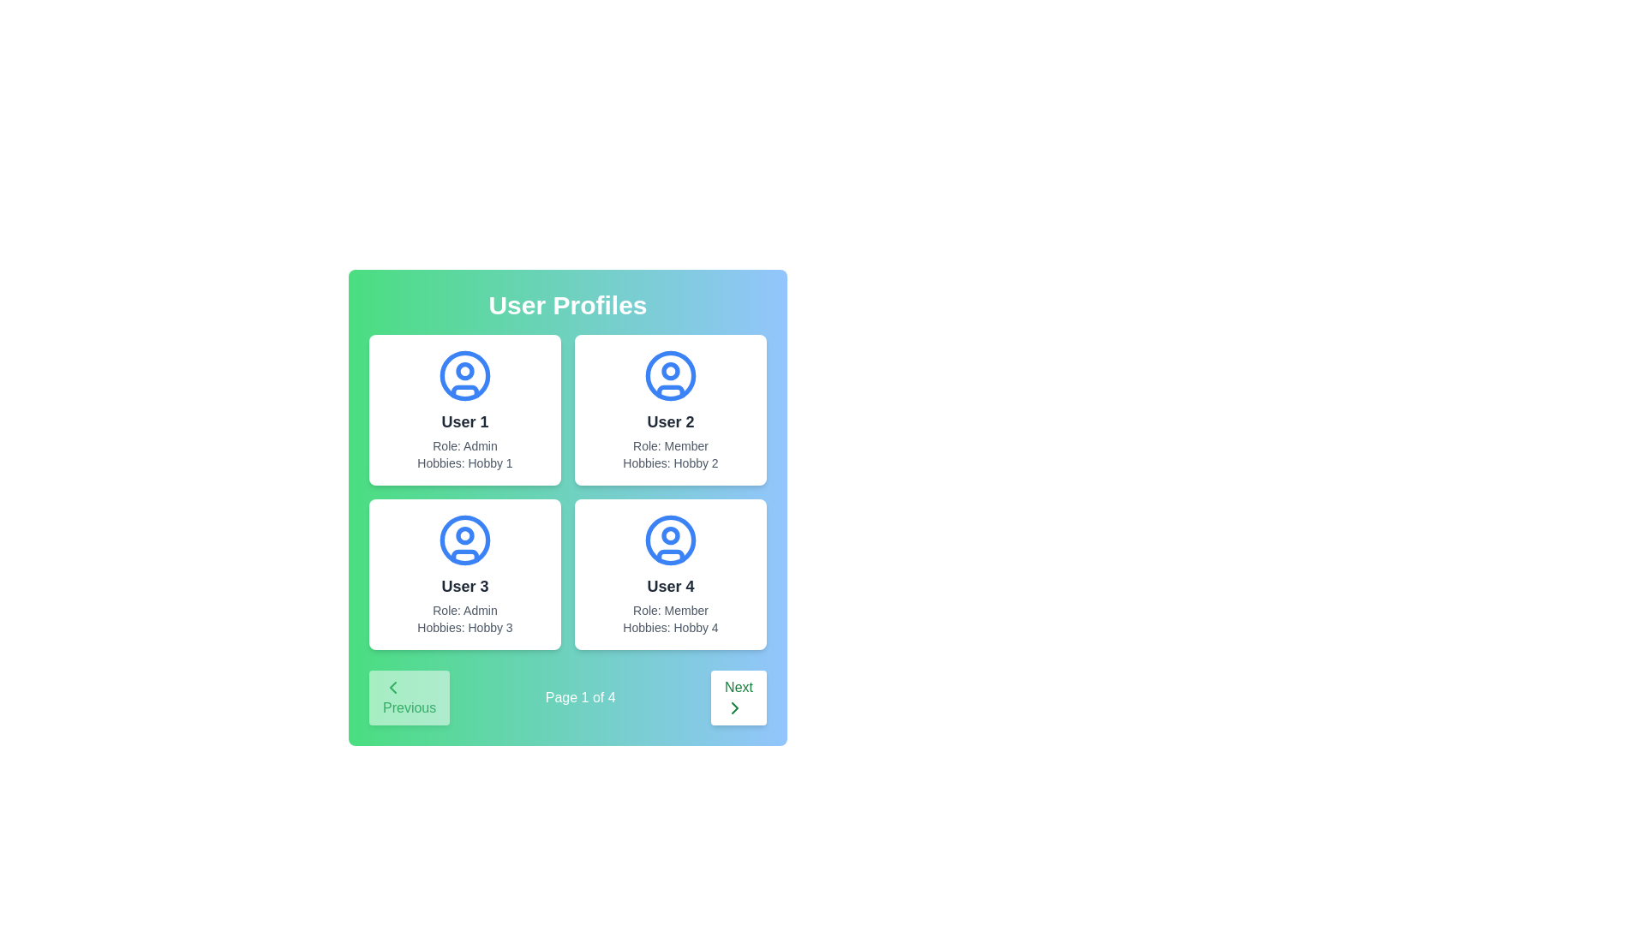  Describe the element at coordinates (669, 540) in the screenshot. I see `the SVG circle graphical element that represents part of the user avatar for 'User 4' located in the user profile card` at that location.